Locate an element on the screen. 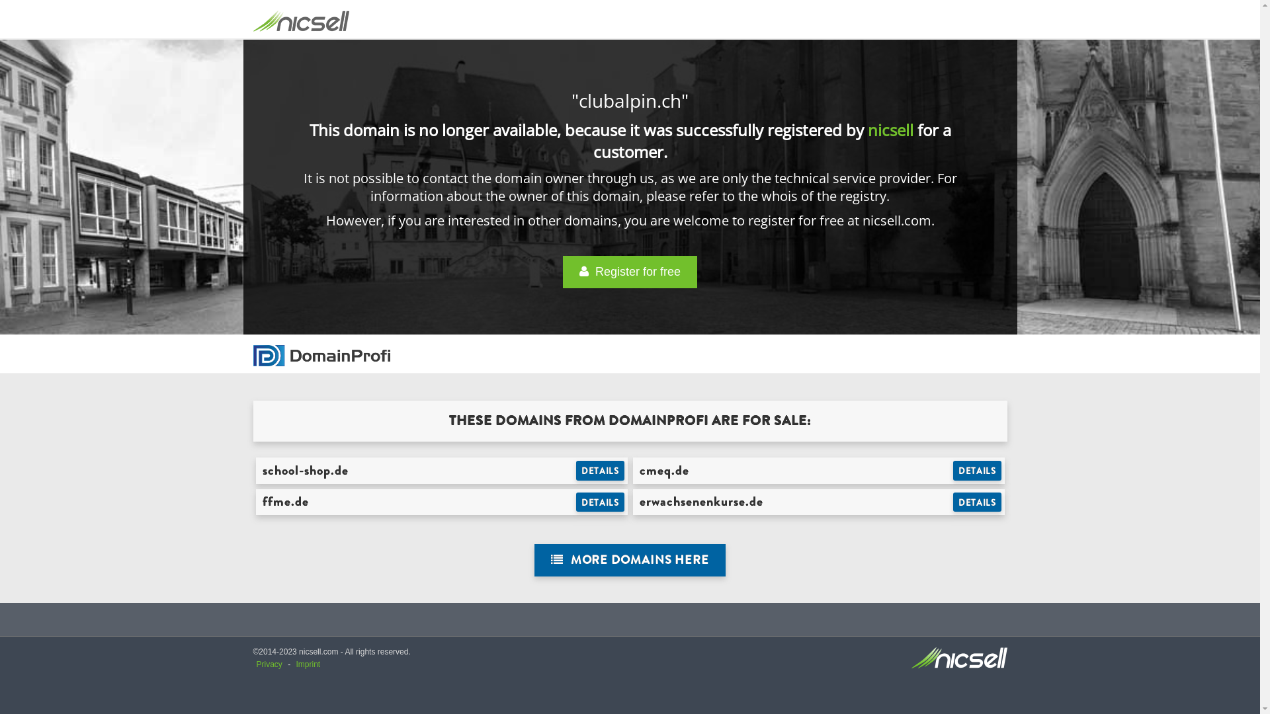 The width and height of the screenshot is (1270, 714). 'Imprint' is located at coordinates (308, 664).